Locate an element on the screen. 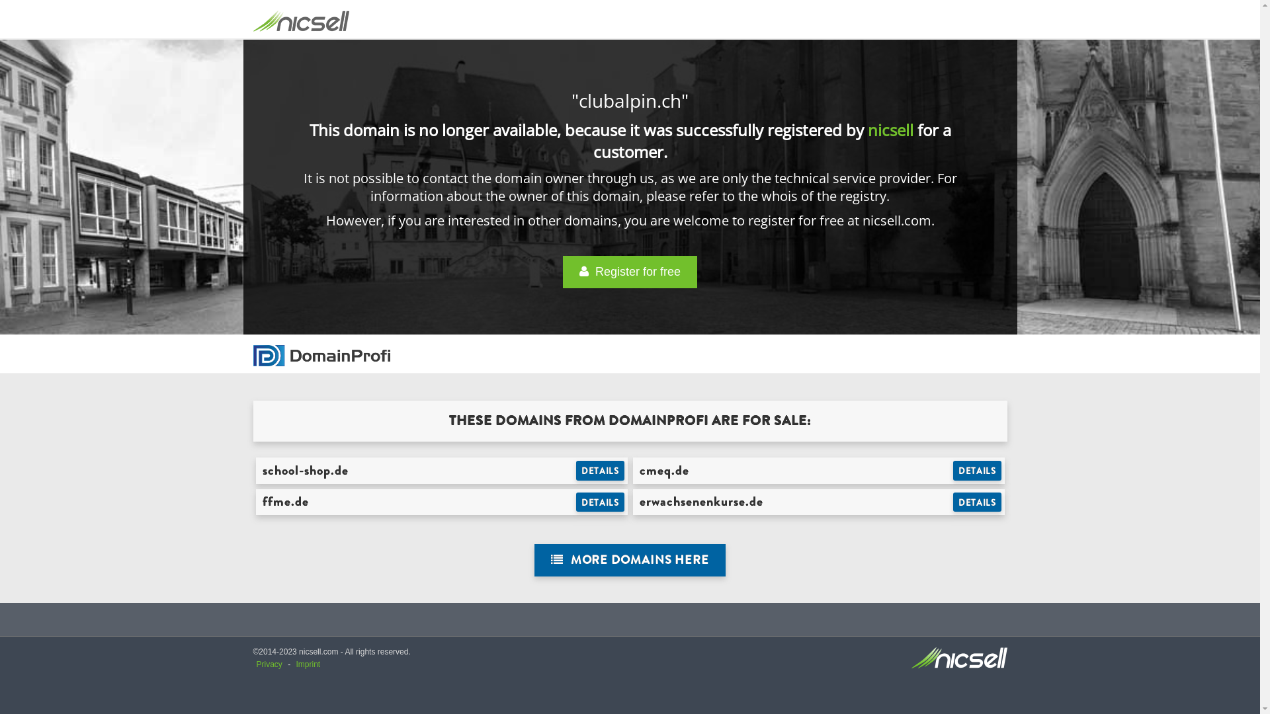 The width and height of the screenshot is (1270, 714). 'Imprint' is located at coordinates (308, 664).